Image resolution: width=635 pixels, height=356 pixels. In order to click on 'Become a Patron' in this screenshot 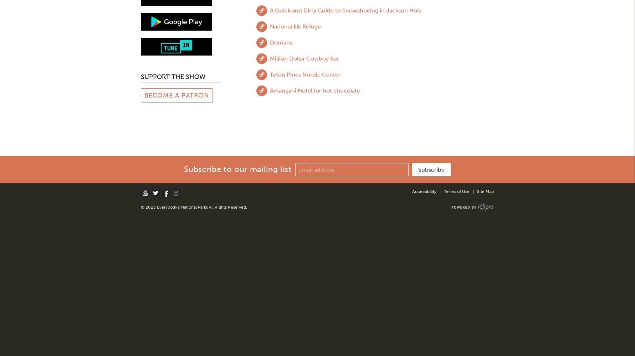, I will do `click(176, 95)`.